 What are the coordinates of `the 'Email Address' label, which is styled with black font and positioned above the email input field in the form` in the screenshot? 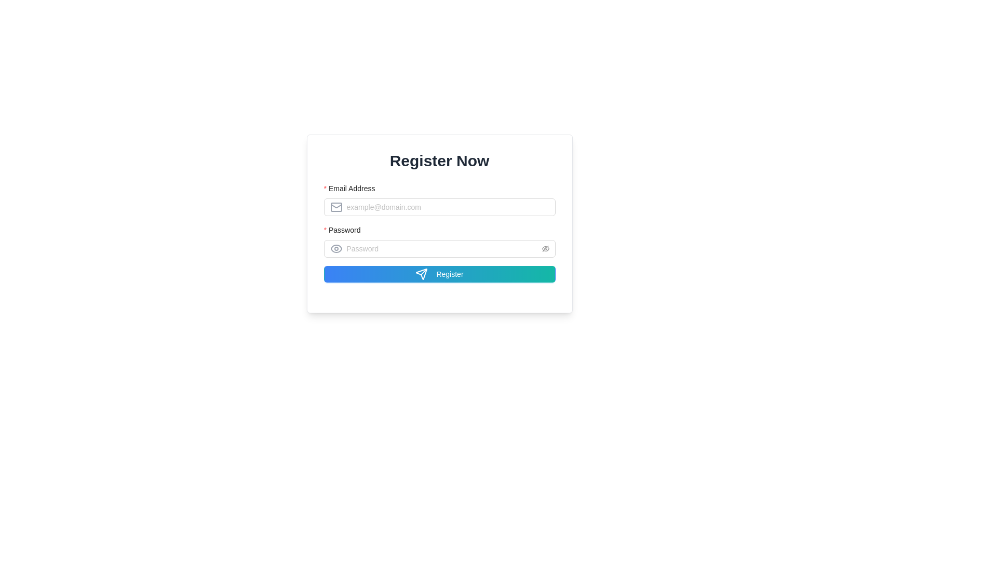 It's located at (353, 188).